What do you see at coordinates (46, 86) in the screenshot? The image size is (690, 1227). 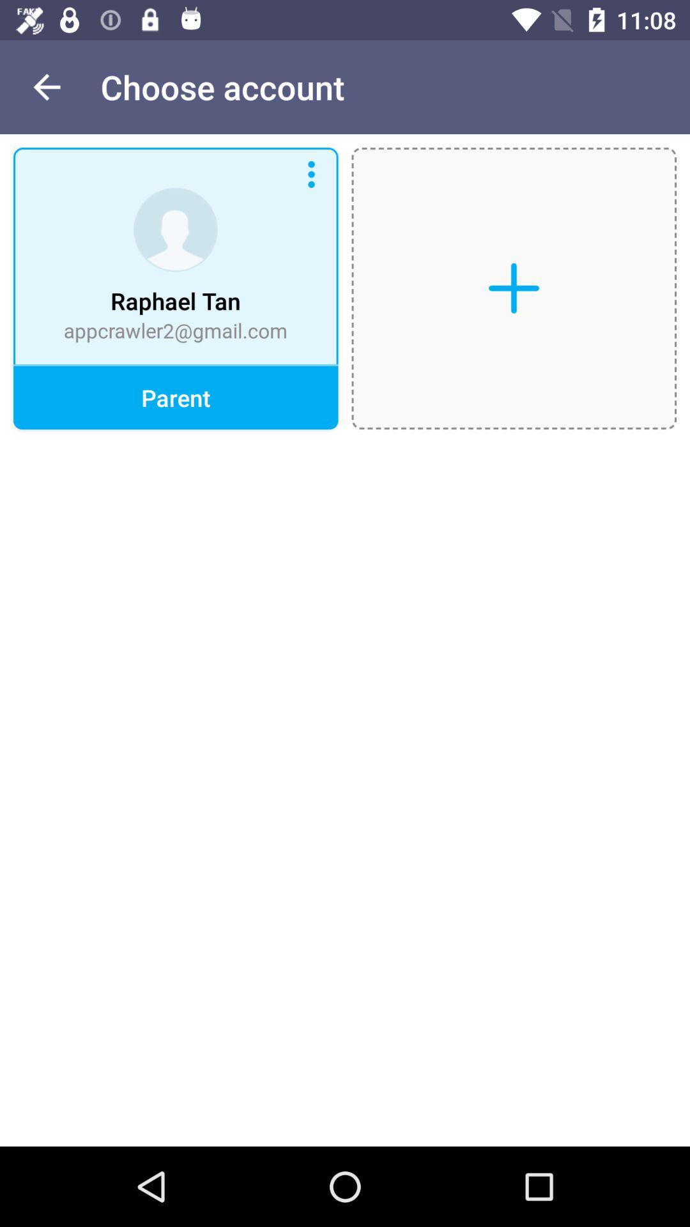 I see `the item next to the choose account item` at bounding box center [46, 86].